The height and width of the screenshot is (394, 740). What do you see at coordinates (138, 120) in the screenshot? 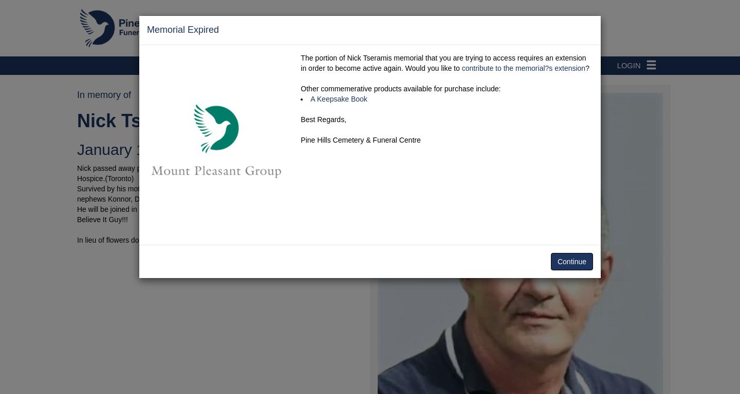
I see `'Nick Tseramis'` at bounding box center [138, 120].